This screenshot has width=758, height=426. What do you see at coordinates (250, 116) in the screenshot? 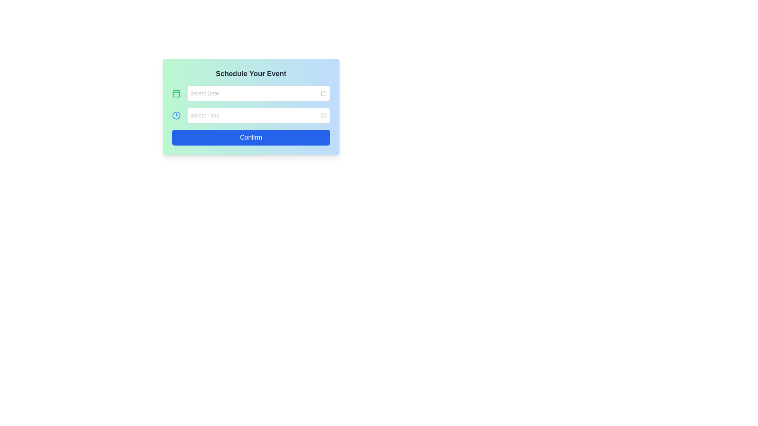
I see `the Time Picker Input Field, which is located below the 'Select Date' input field and prompts with 'Select Time'` at bounding box center [250, 116].